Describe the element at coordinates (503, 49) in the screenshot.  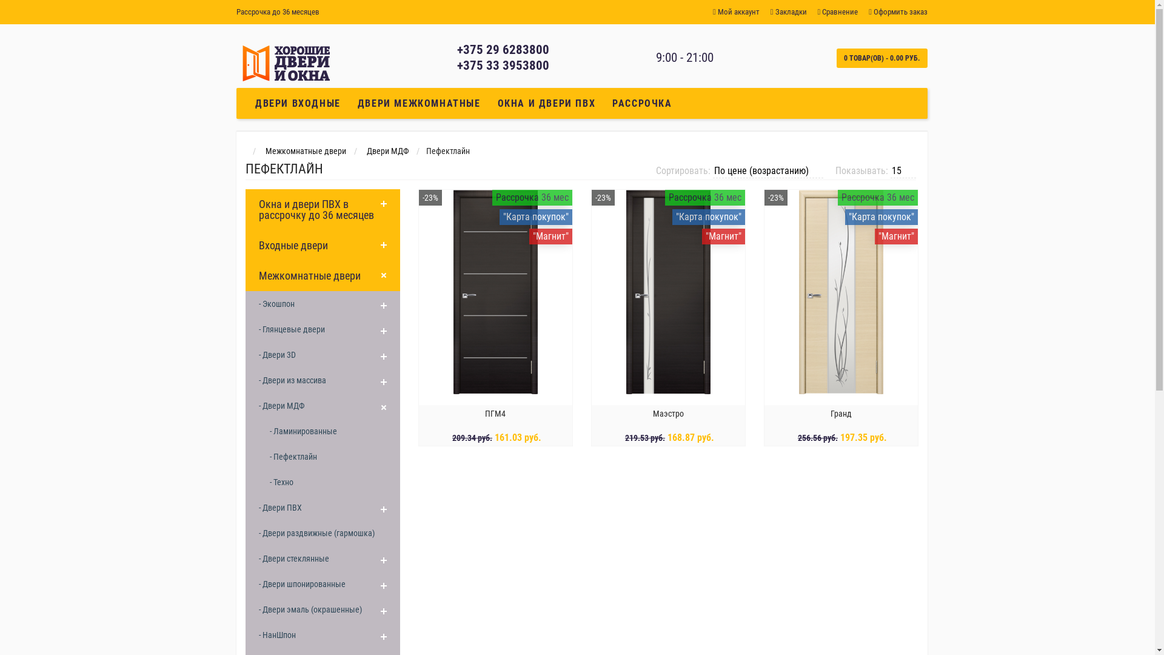
I see `'+375 29 6283800'` at that location.